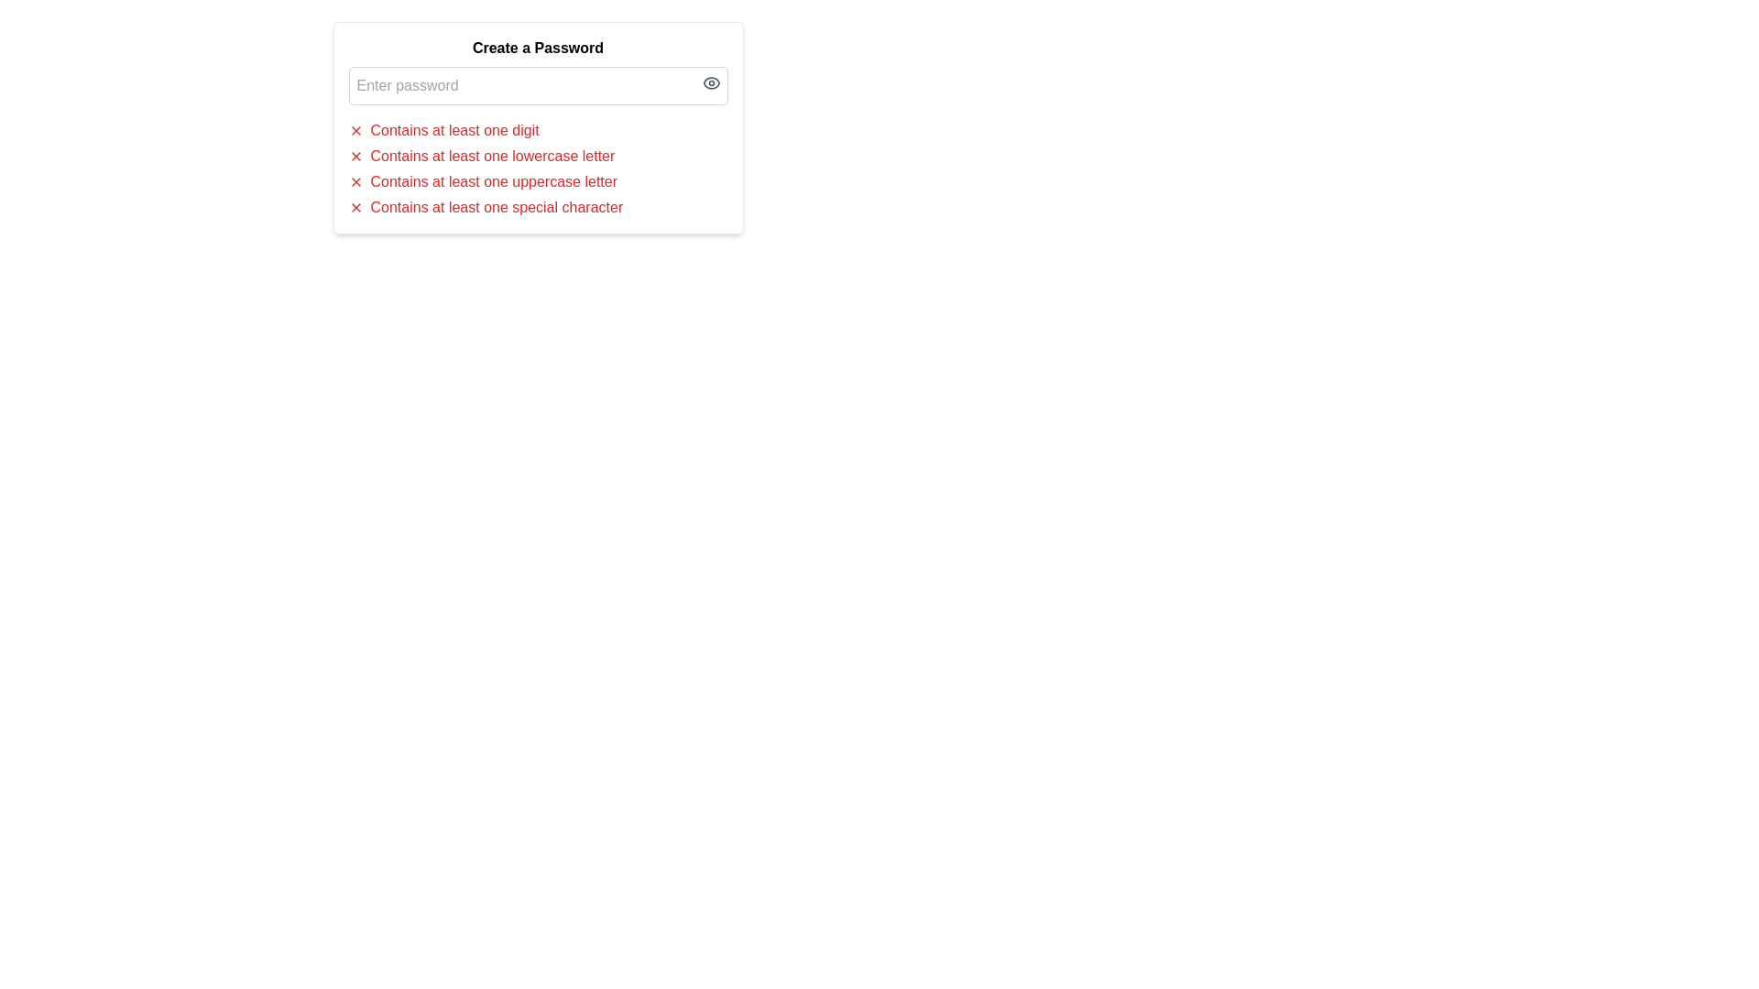 The width and height of the screenshot is (1759, 989). What do you see at coordinates (355, 155) in the screenshot?
I see `the red 'X' icon indicating a negative state, located to the left of the text 'Contains at least one lowercase letter' in the password validation messages` at bounding box center [355, 155].